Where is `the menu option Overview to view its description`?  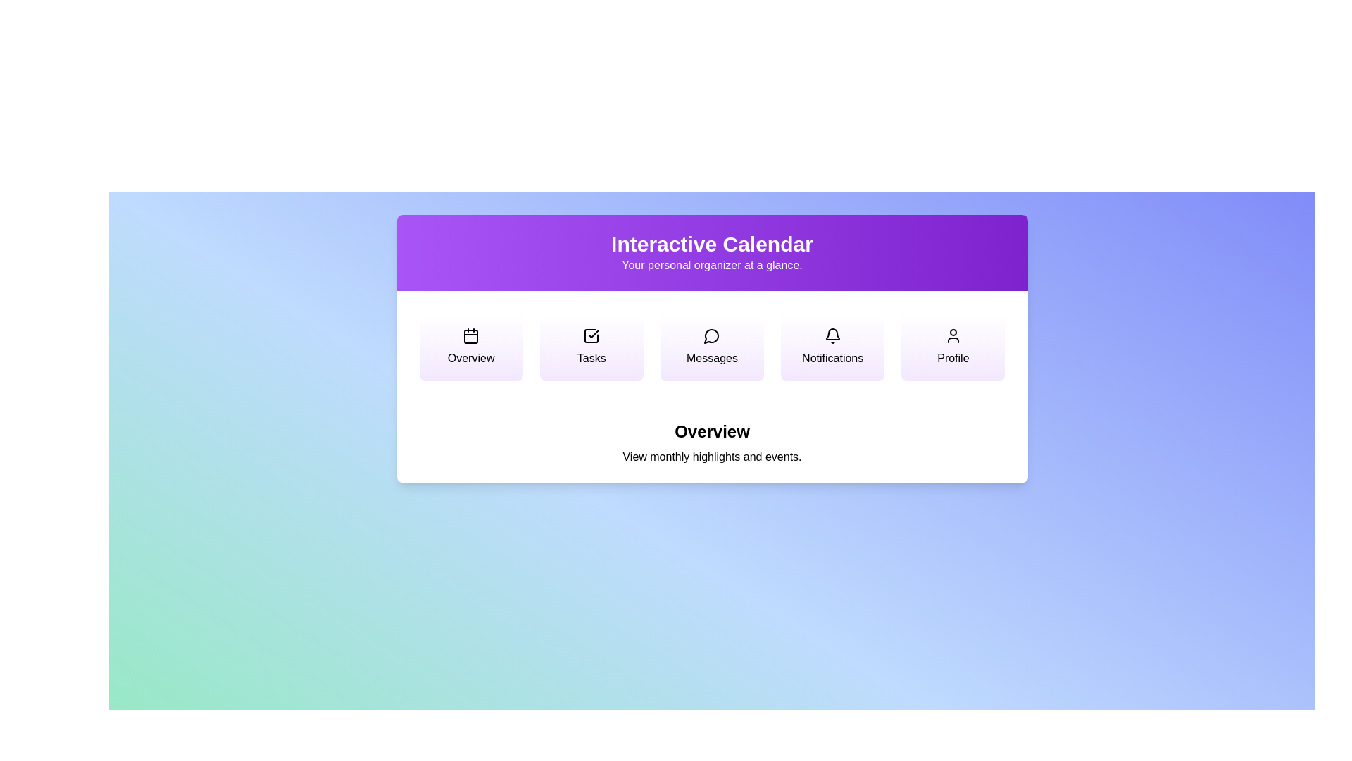 the menu option Overview to view its description is located at coordinates (470, 347).